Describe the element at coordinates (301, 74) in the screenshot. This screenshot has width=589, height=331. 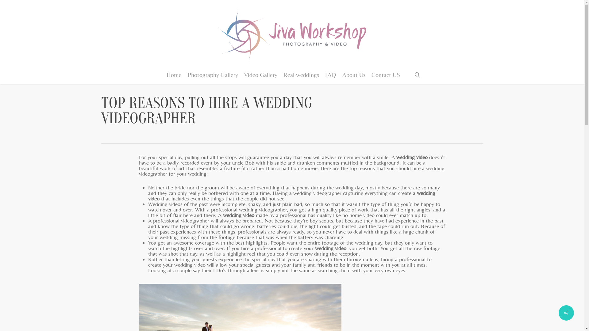
I see `'Real weddings'` at that location.